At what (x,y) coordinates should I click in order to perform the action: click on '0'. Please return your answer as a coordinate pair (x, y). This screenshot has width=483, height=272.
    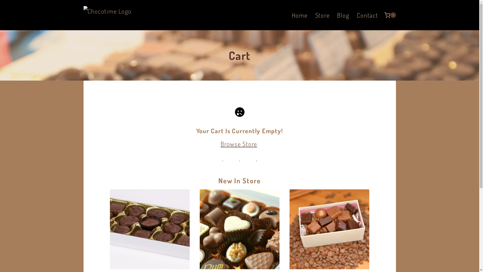
    Looking at the image, I should click on (390, 15).